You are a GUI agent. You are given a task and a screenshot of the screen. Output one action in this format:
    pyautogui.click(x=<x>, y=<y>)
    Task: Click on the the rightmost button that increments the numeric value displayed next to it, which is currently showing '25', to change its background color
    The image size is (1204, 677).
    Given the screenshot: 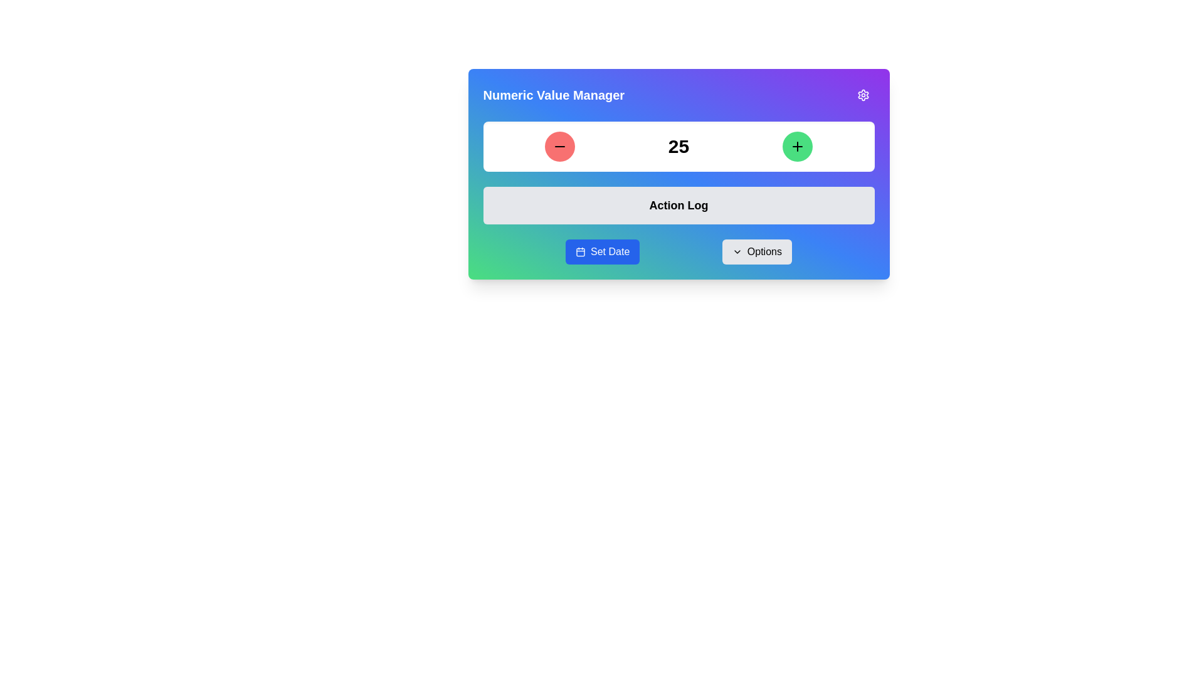 What is the action you would take?
    pyautogui.click(x=797, y=146)
    